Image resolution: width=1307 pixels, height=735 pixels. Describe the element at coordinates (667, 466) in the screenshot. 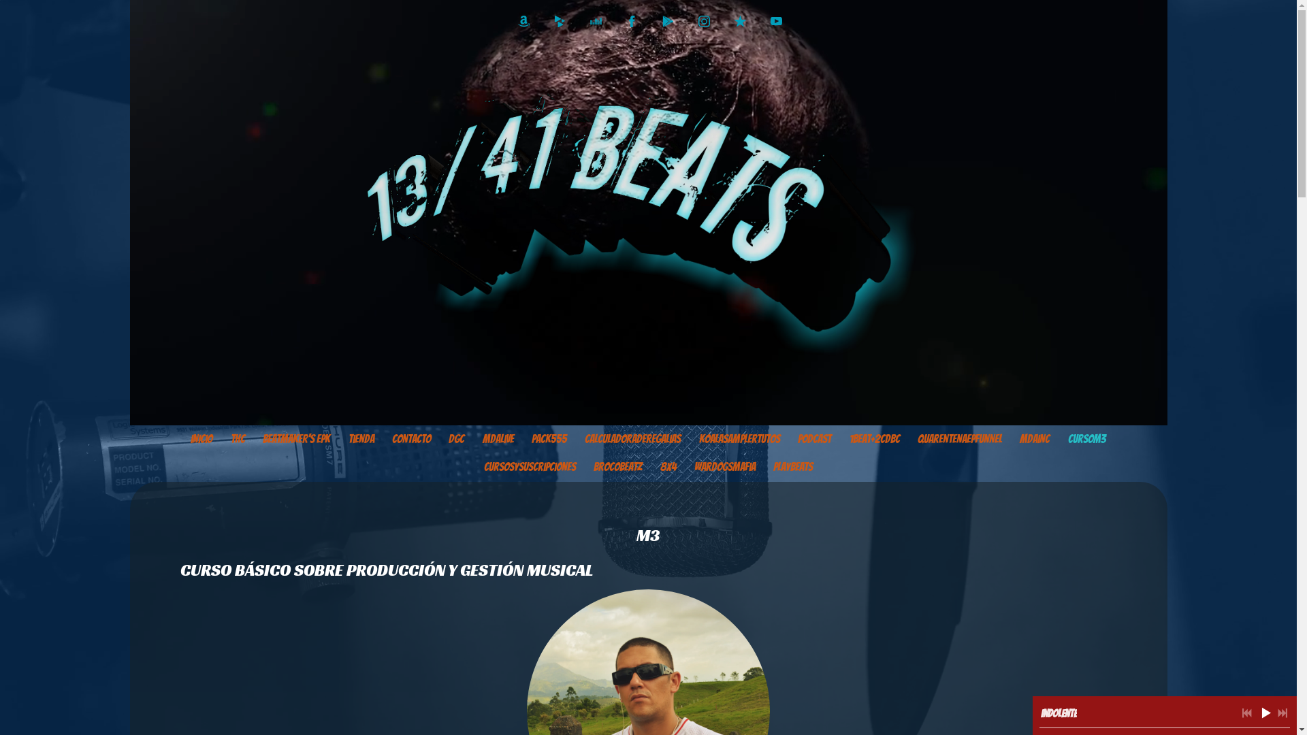

I see `'8X4'` at that location.